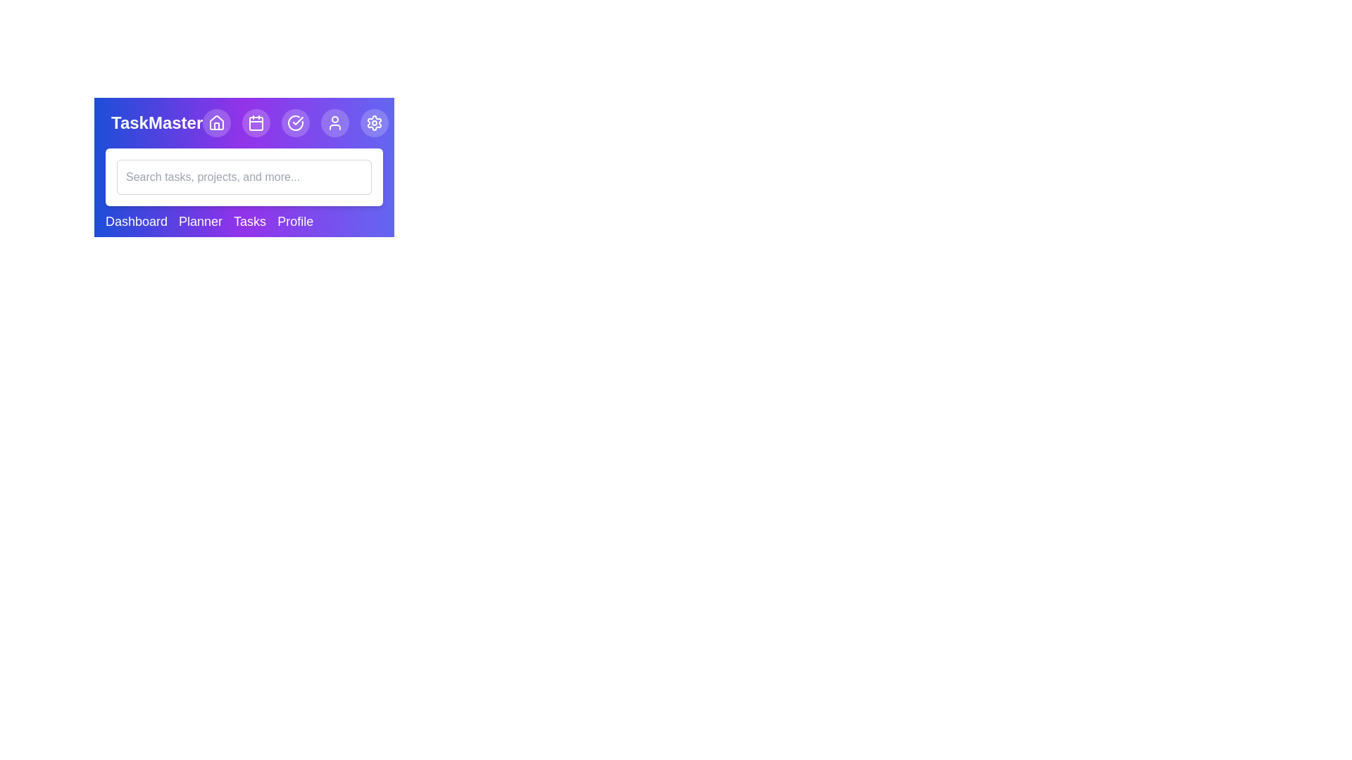 The width and height of the screenshot is (1352, 760). Describe the element at coordinates (199, 222) in the screenshot. I see `the menu item Planner` at that location.